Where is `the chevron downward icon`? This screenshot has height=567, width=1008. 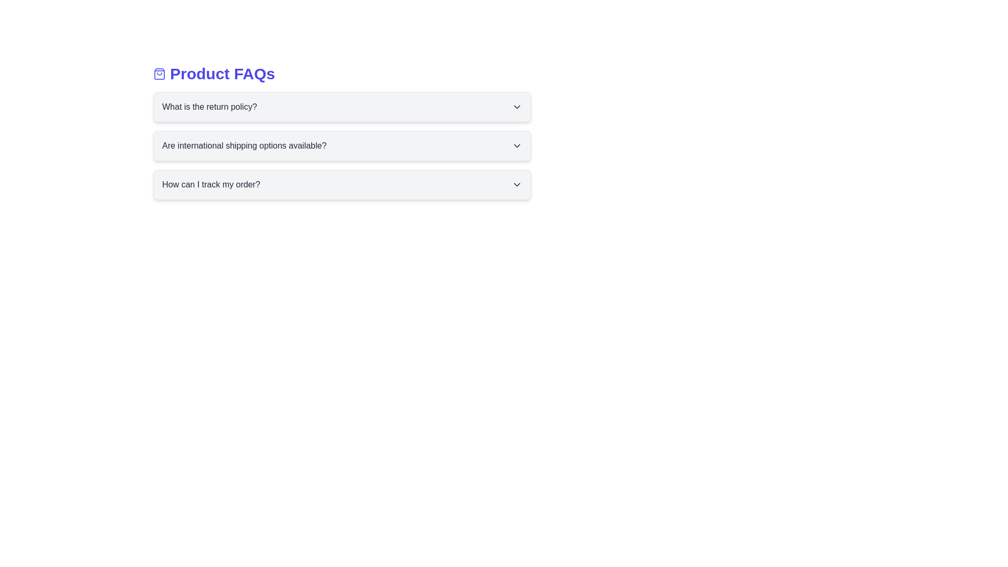 the chevron downward icon is located at coordinates (517, 184).